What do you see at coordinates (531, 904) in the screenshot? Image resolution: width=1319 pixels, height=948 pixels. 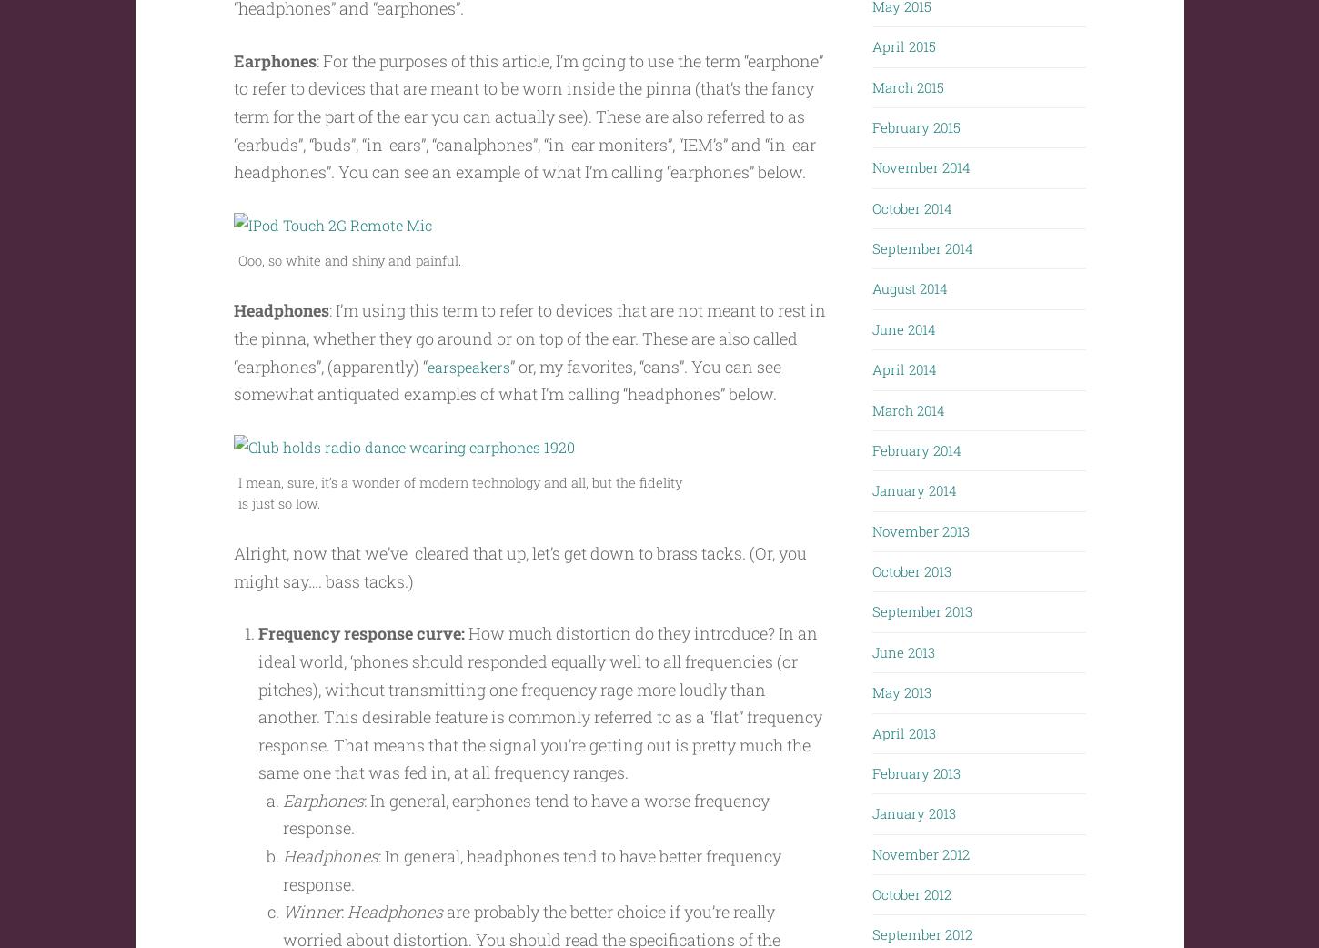 I see `': In general, headphones tend to have better frequency response.'` at bounding box center [531, 904].